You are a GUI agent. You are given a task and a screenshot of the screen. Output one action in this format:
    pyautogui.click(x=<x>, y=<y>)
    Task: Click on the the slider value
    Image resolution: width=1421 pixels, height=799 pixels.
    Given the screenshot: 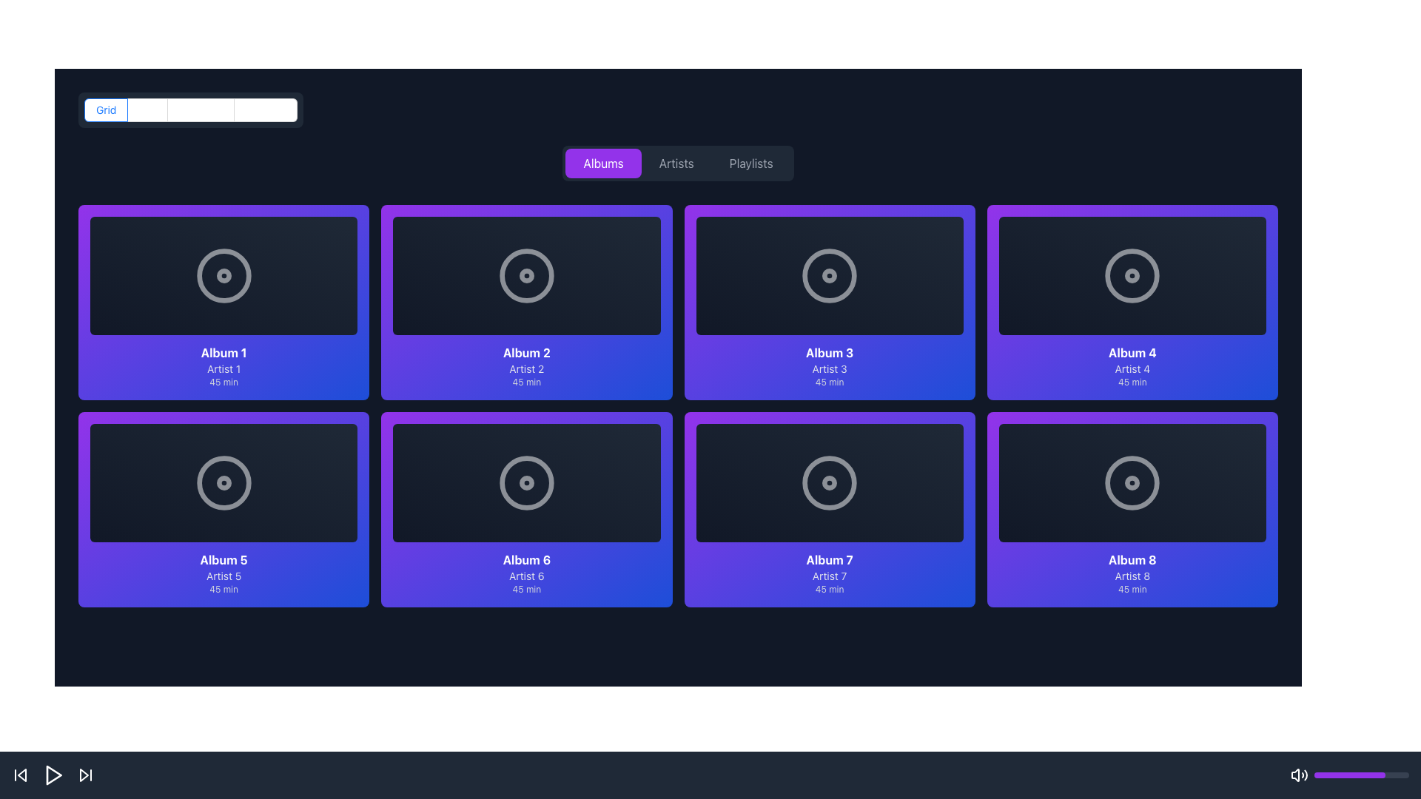 What is the action you would take?
    pyautogui.click(x=1315, y=775)
    